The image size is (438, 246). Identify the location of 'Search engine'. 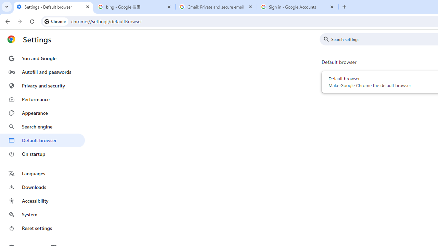
(42, 127).